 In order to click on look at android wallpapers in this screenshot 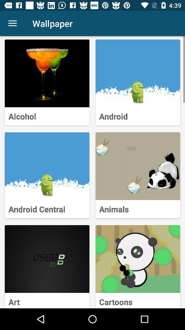, I will do `click(138, 73)`.